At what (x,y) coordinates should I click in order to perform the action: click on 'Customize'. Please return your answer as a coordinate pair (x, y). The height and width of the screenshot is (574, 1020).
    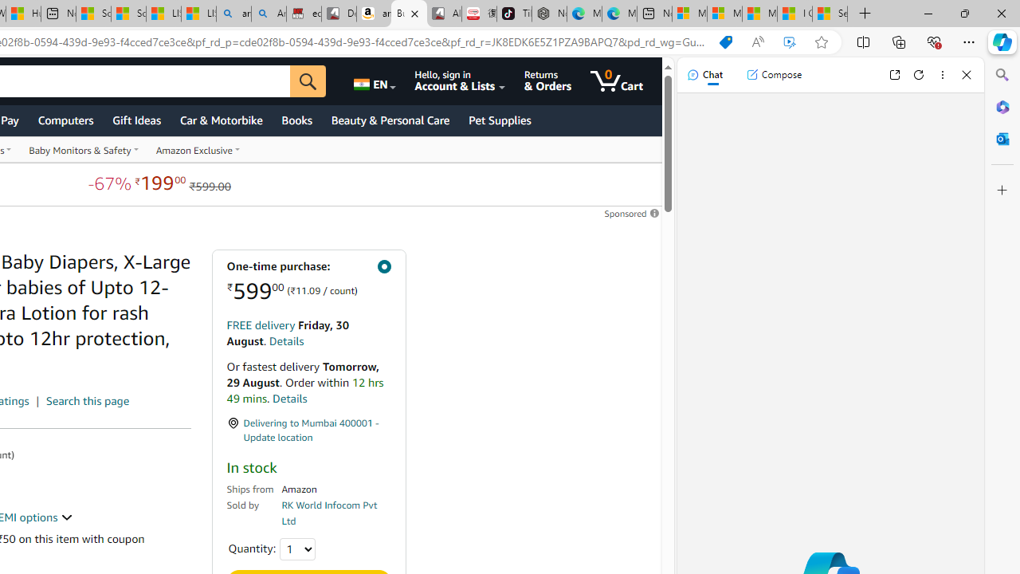
    Looking at the image, I should click on (1002, 190).